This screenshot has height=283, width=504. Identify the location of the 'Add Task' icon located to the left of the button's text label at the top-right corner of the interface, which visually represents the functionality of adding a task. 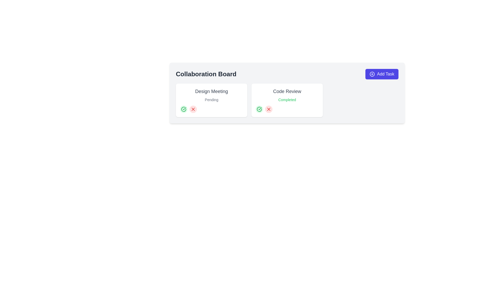
(372, 74).